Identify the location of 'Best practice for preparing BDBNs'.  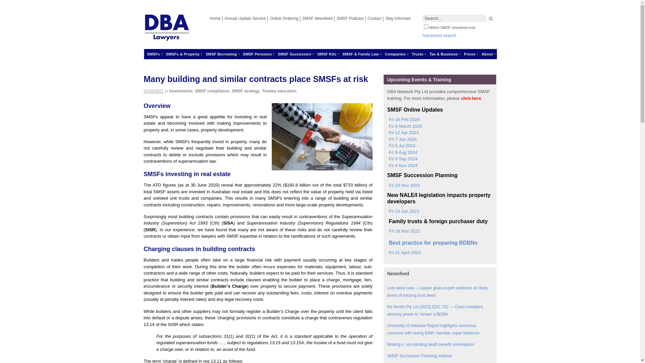
(387, 243).